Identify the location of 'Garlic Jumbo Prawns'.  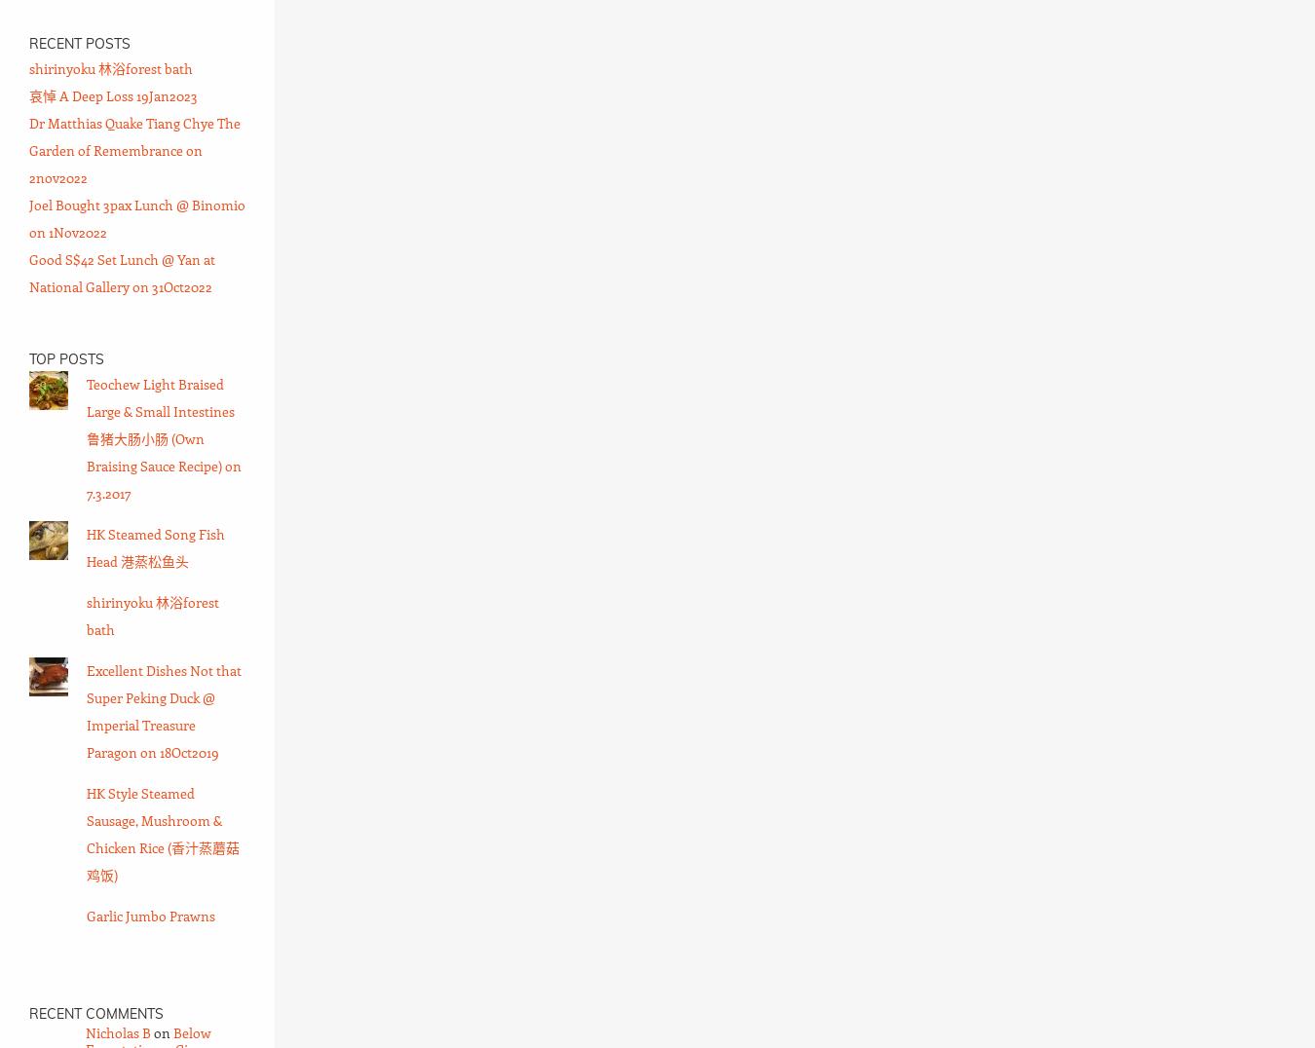
(150, 915).